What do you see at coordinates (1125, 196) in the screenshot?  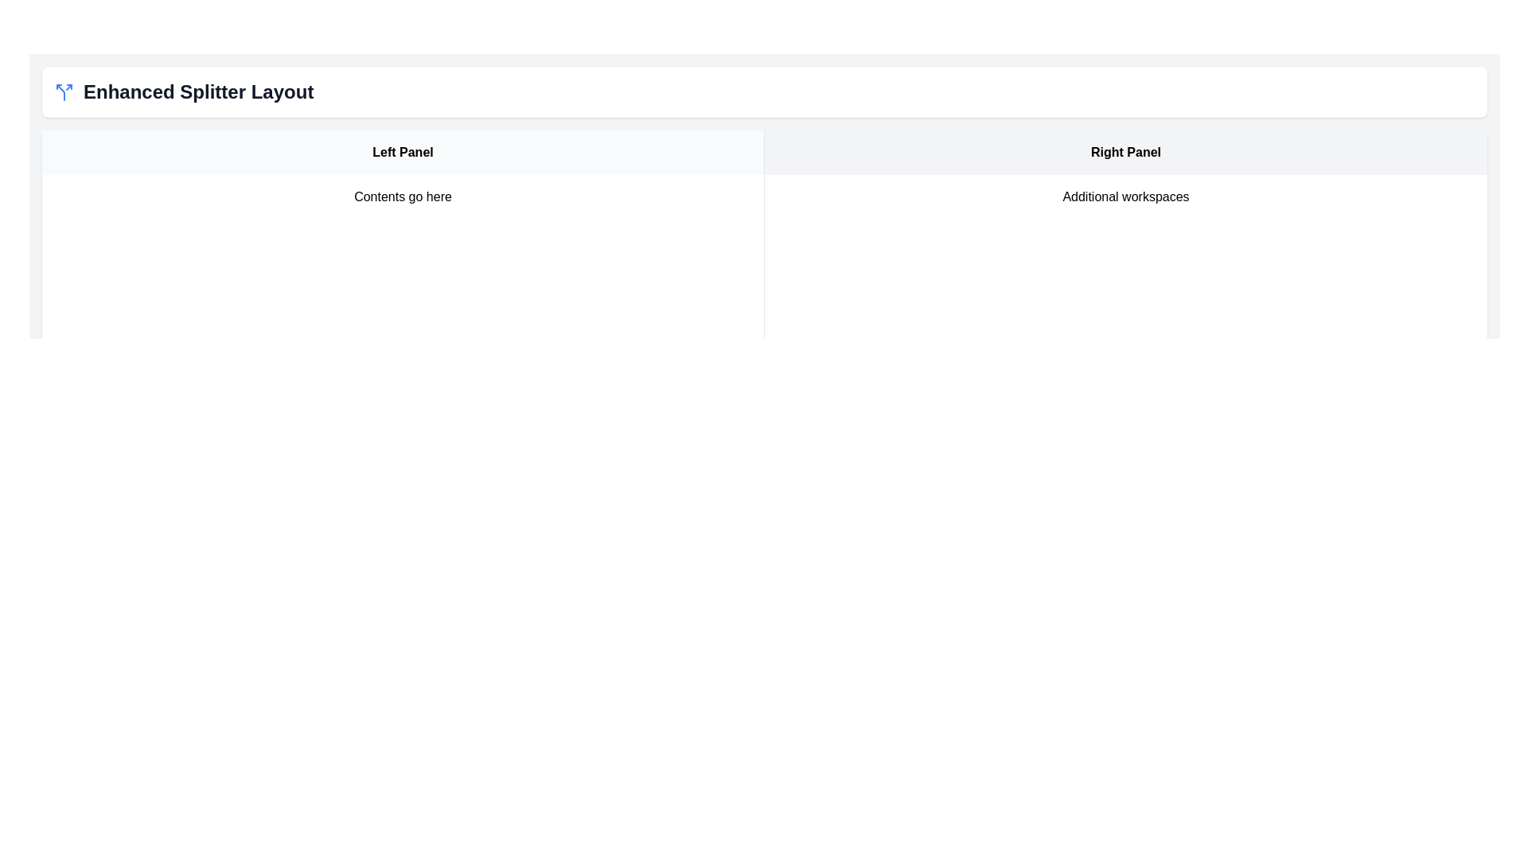 I see `the static text label displaying 'Additional workspaces' located in the right-hand section of the panel layout` at bounding box center [1125, 196].